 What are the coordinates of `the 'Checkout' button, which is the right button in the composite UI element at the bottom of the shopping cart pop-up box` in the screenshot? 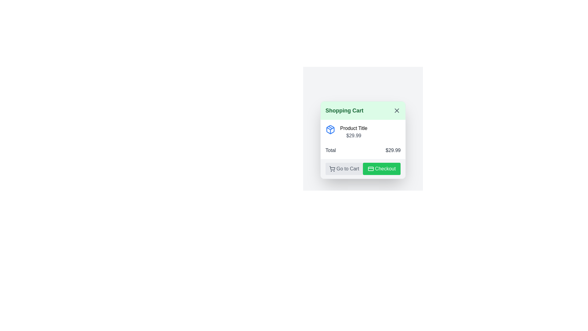 It's located at (363, 169).